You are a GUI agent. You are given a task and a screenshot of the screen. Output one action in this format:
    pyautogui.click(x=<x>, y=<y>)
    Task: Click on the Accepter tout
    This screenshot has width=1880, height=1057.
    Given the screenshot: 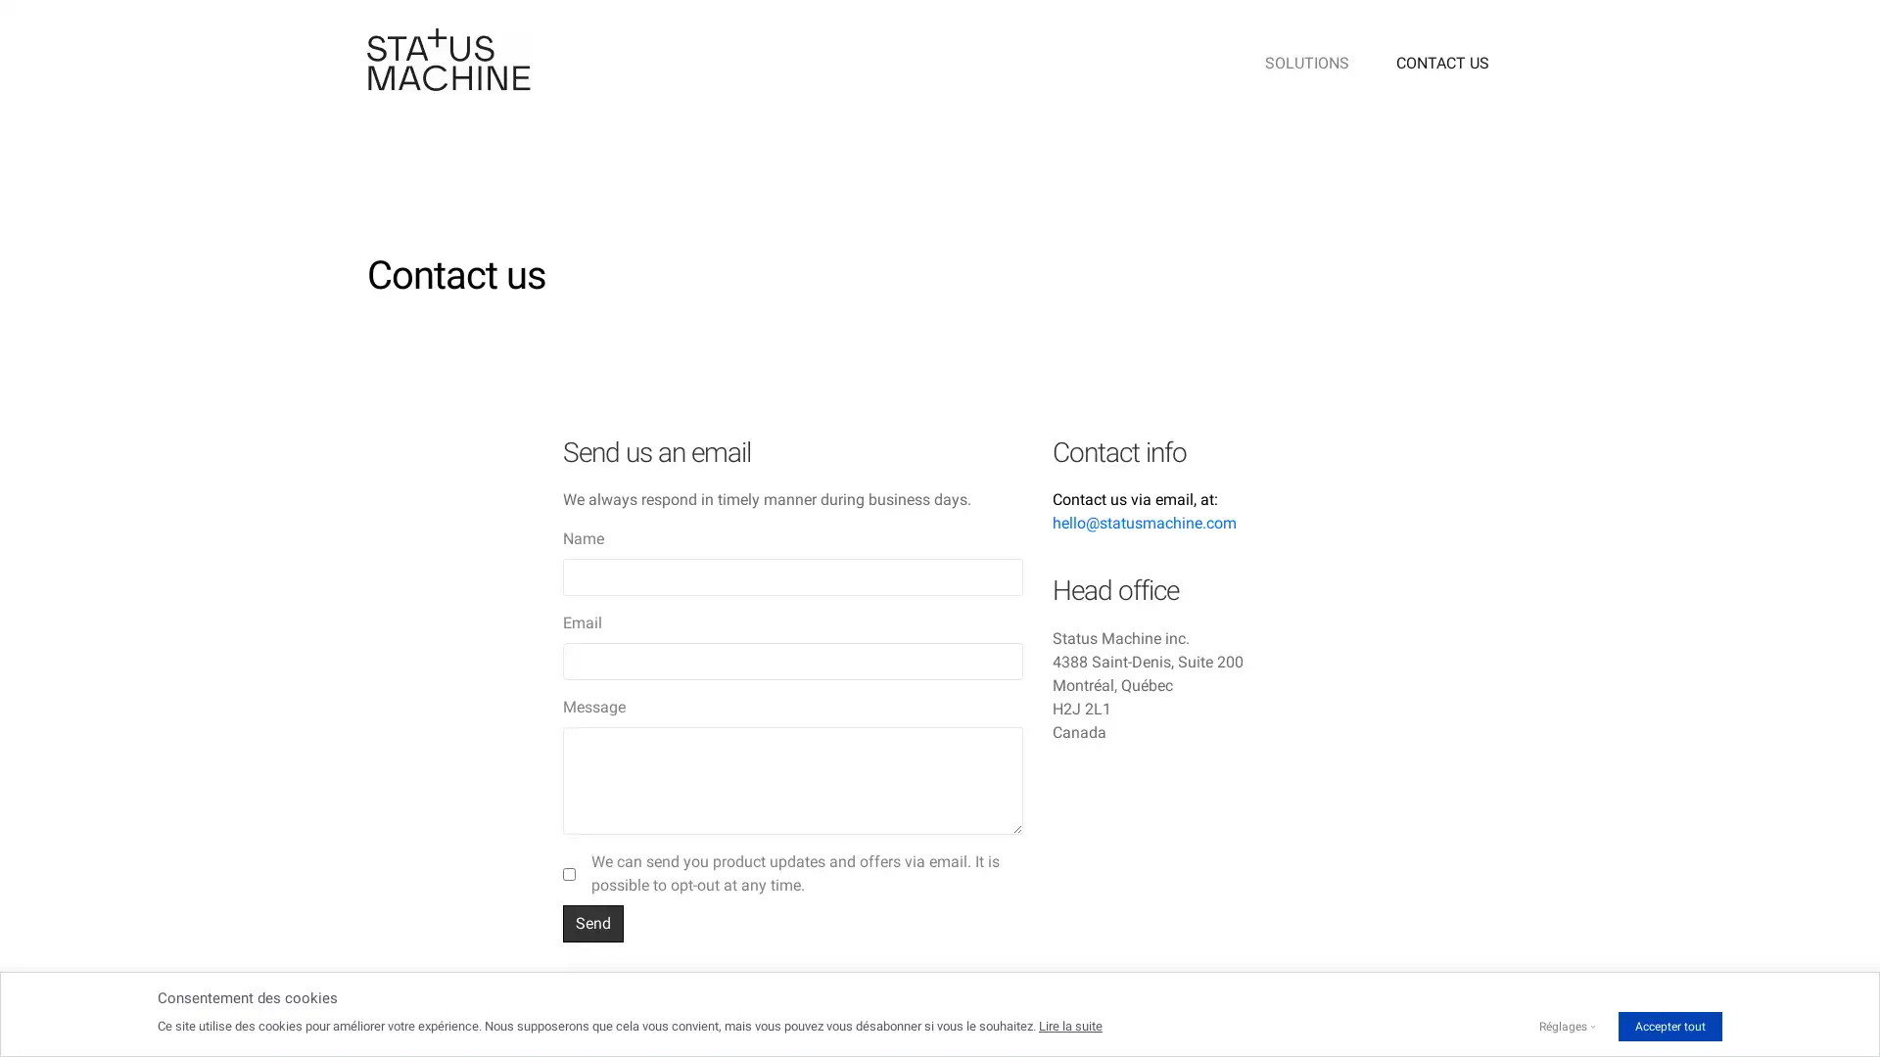 What is the action you would take?
    pyautogui.click(x=1668, y=1026)
    